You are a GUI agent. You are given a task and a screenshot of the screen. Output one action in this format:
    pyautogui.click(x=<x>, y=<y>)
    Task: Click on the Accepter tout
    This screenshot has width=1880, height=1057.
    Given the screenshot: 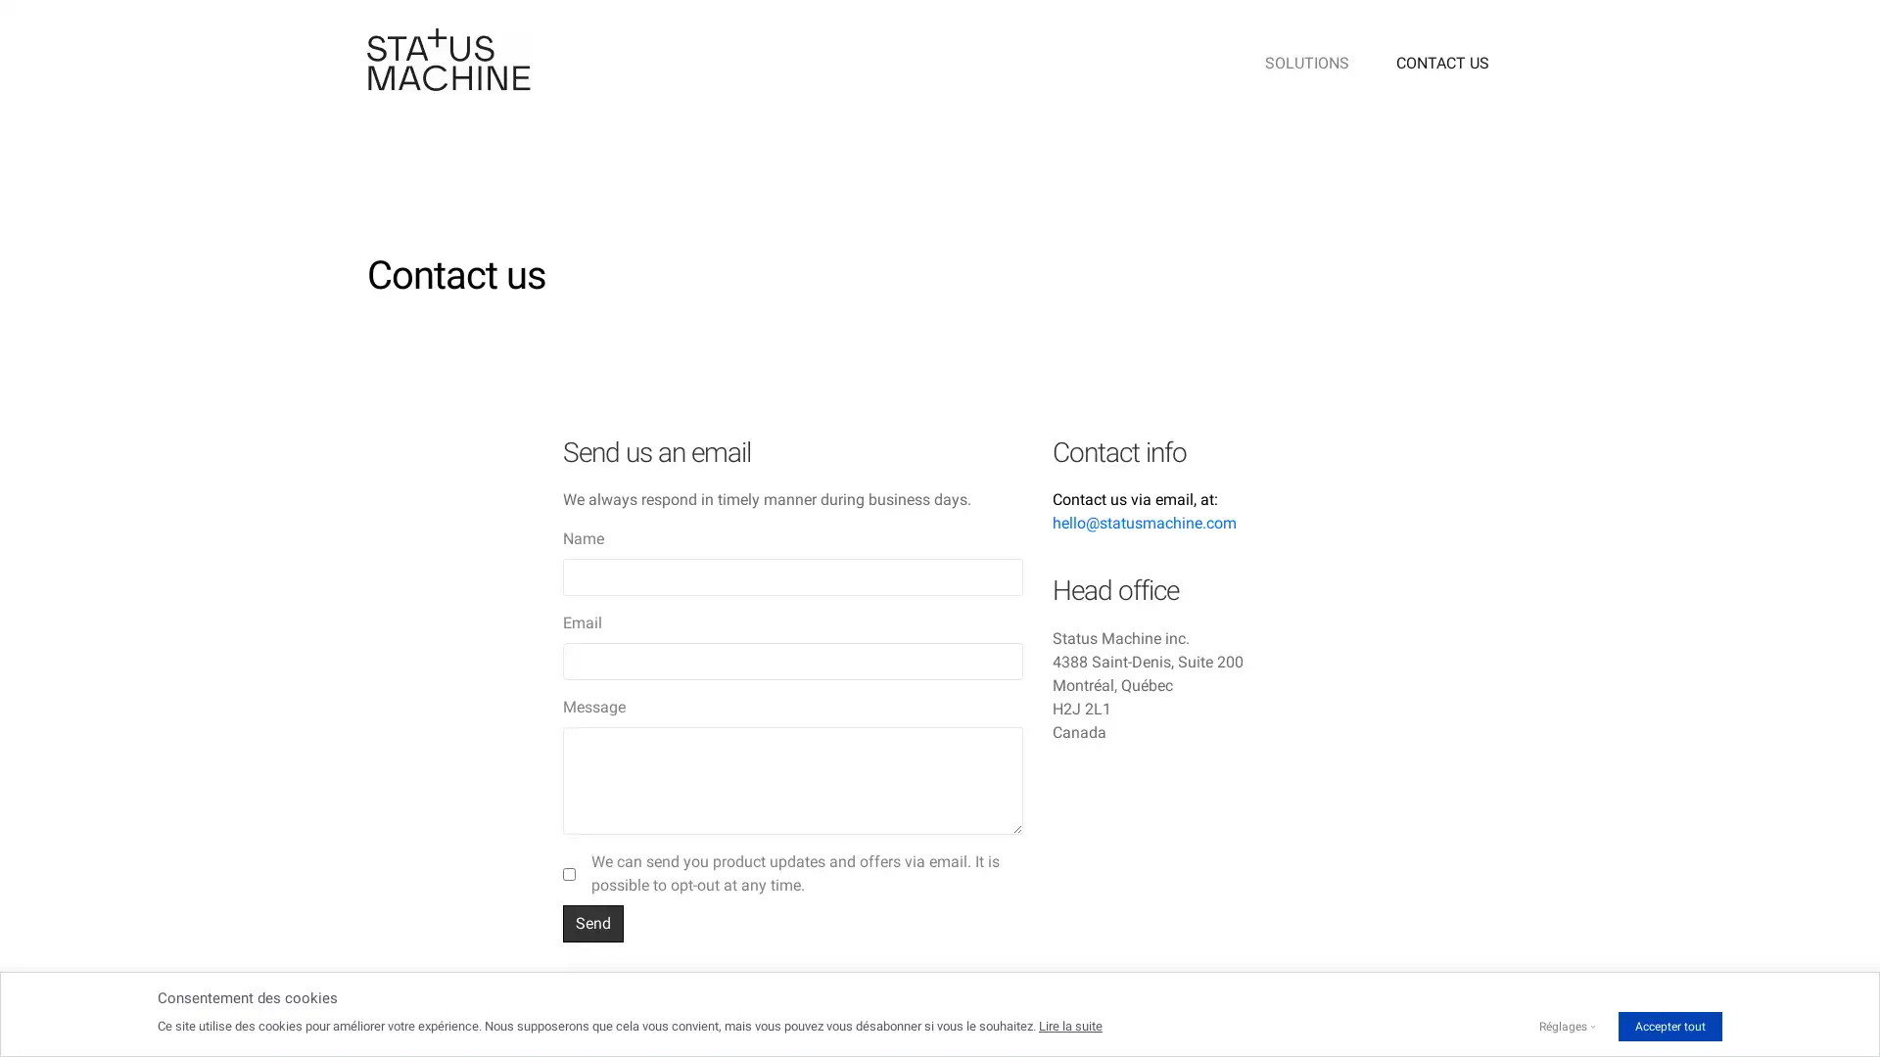 What is the action you would take?
    pyautogui.click(x=1668, y=1026)
    